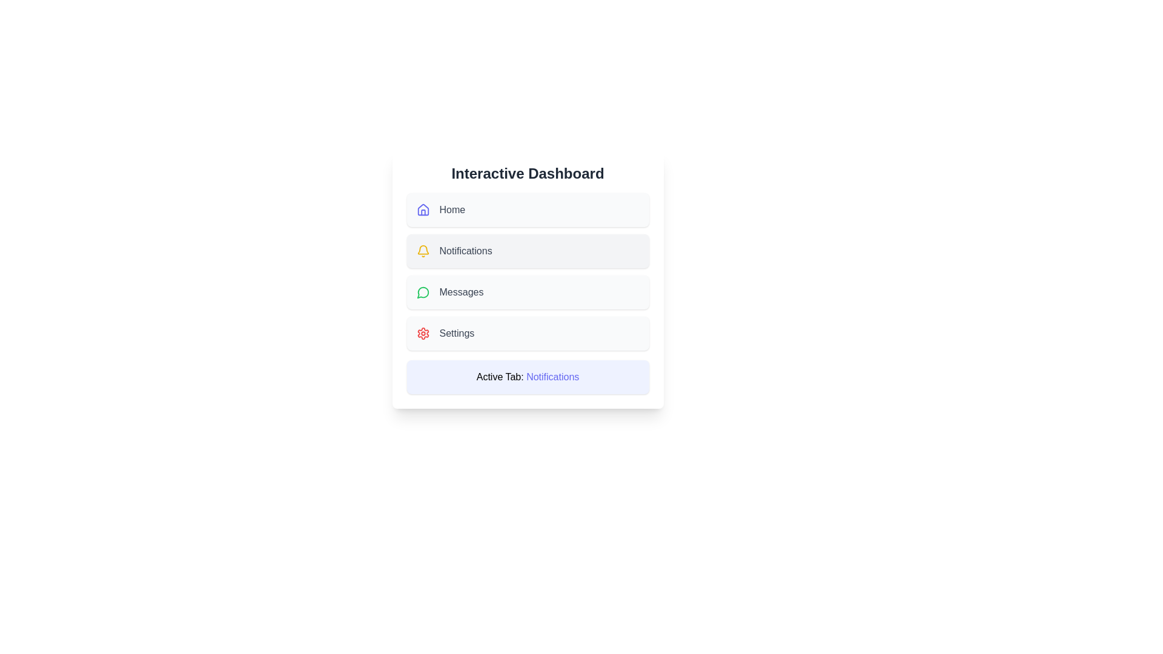  What do you see at coordinates (423, 334) in the screenshot?
I see `the menu item icon corresponding to Settings` at bounding box center [423, 334].